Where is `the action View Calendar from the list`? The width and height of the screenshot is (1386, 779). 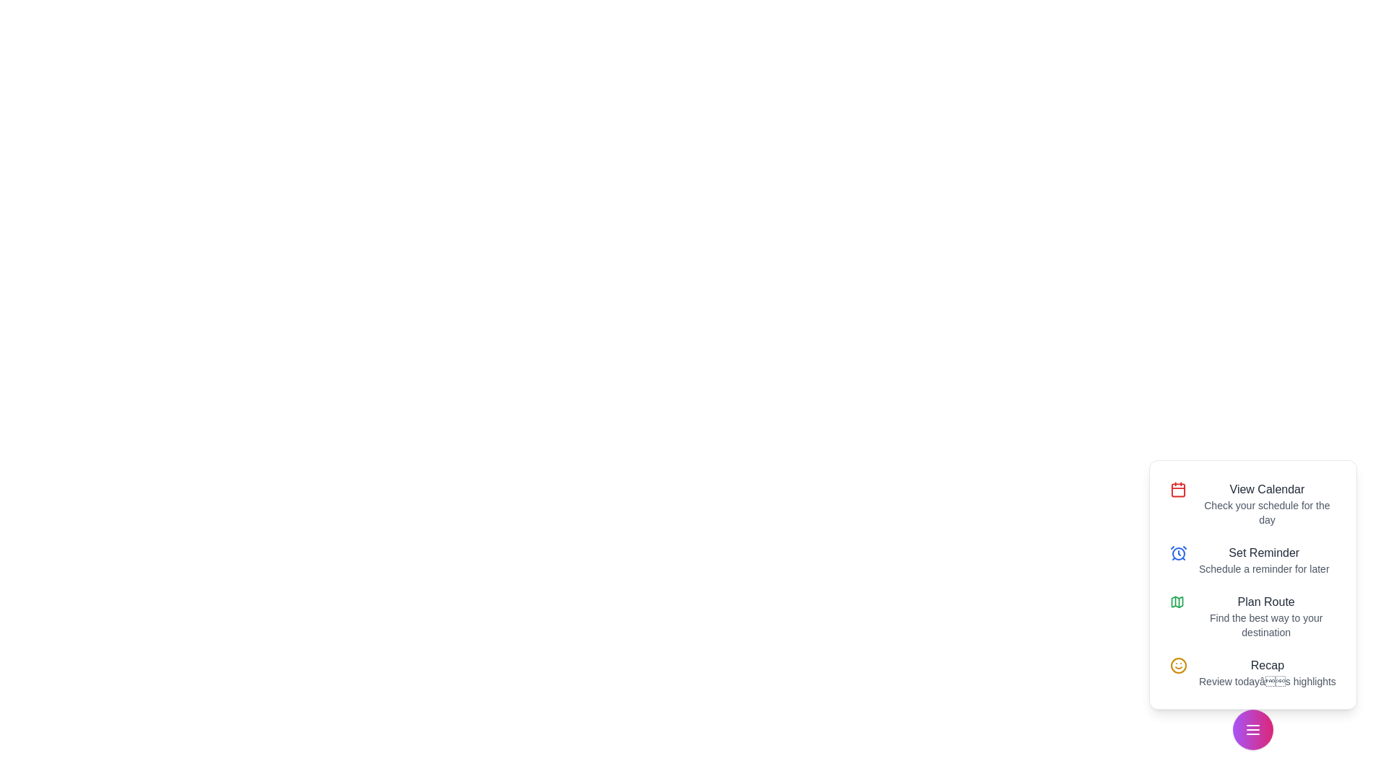
the action View Calendar from the list is located at coordinates (1252, 503).